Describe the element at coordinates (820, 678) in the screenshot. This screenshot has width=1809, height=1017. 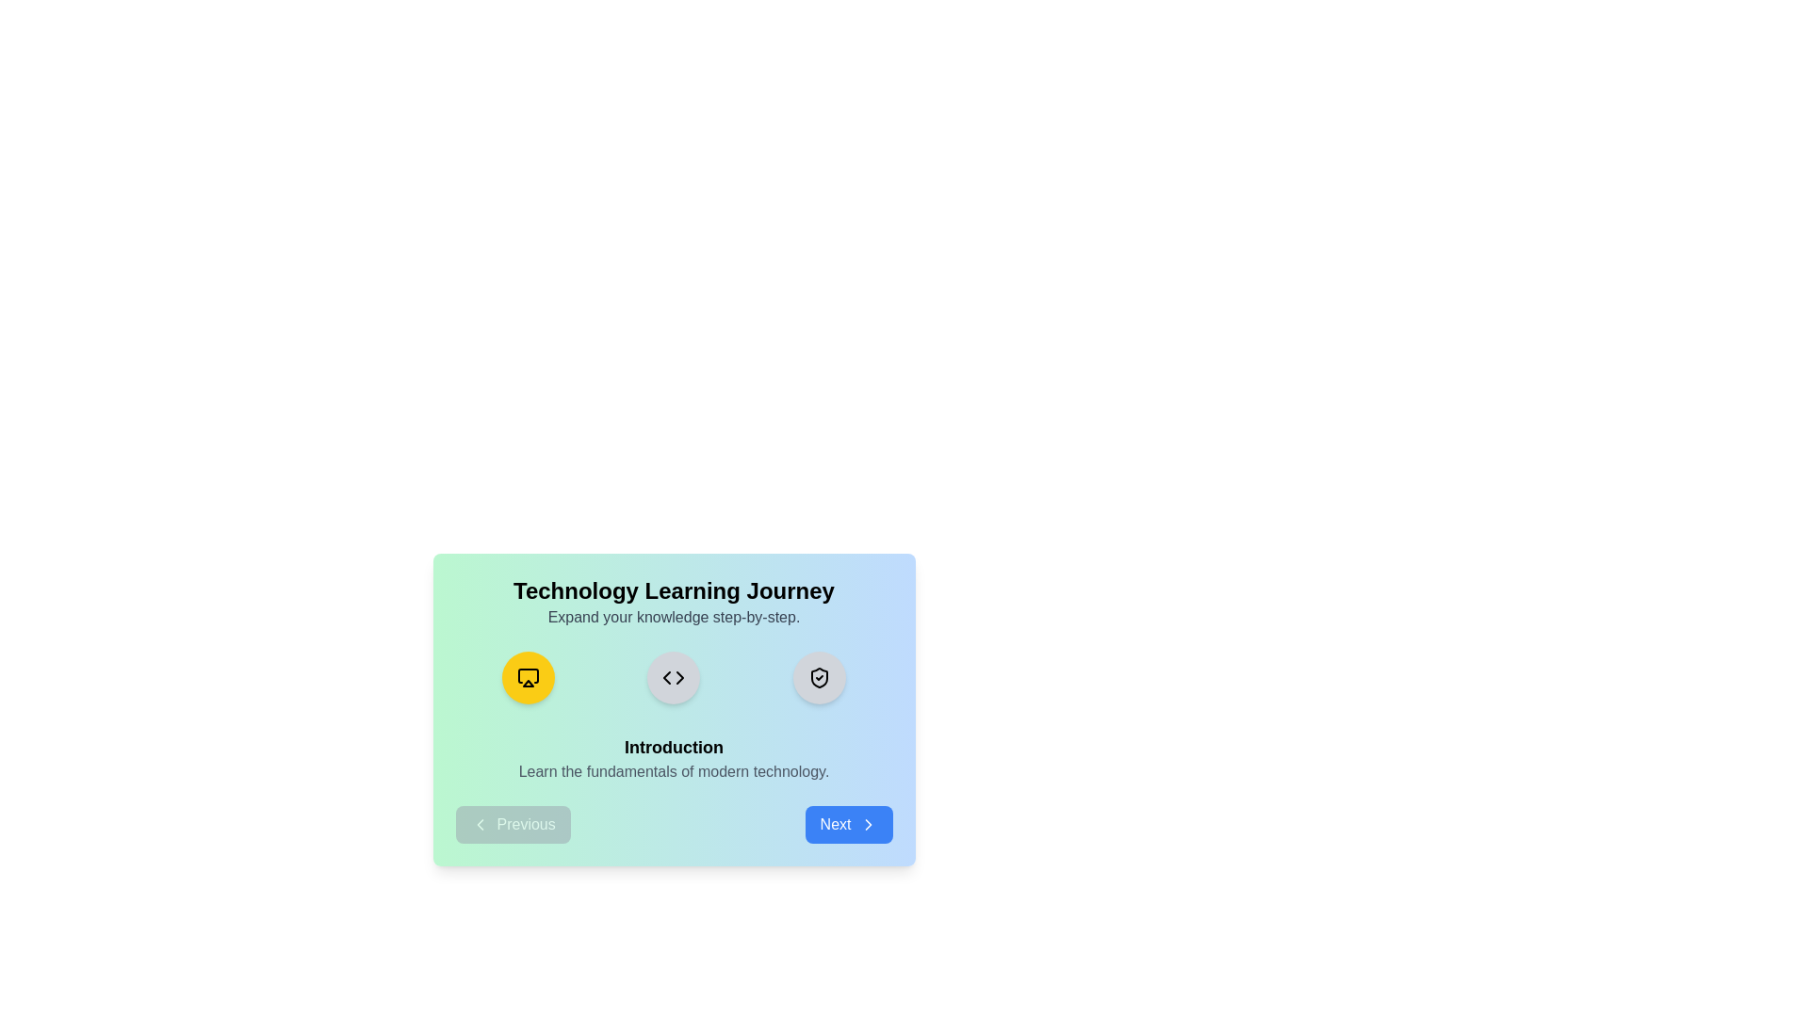
I see `the step icon corresponding to the Security step` at that location.